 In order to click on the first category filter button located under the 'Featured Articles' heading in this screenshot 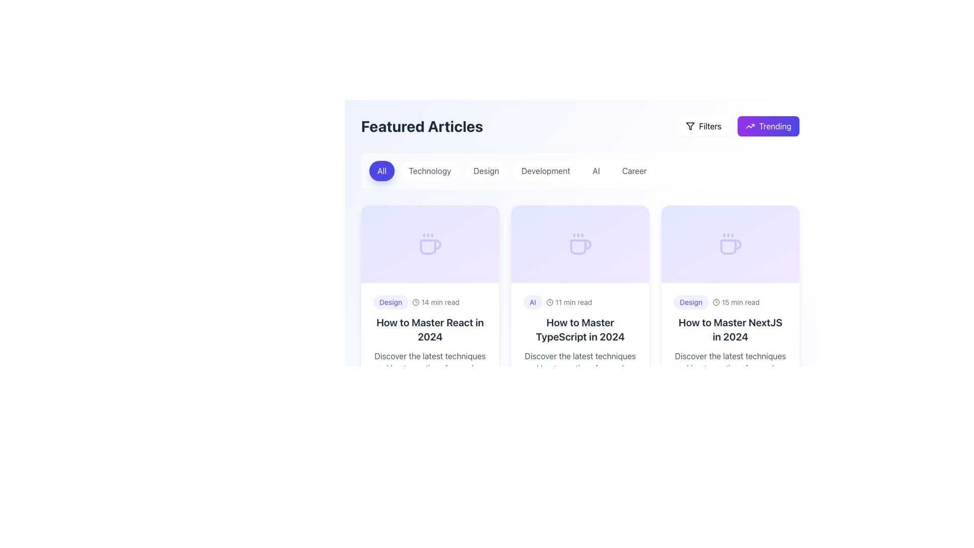, I will do `click(381, 170)`.